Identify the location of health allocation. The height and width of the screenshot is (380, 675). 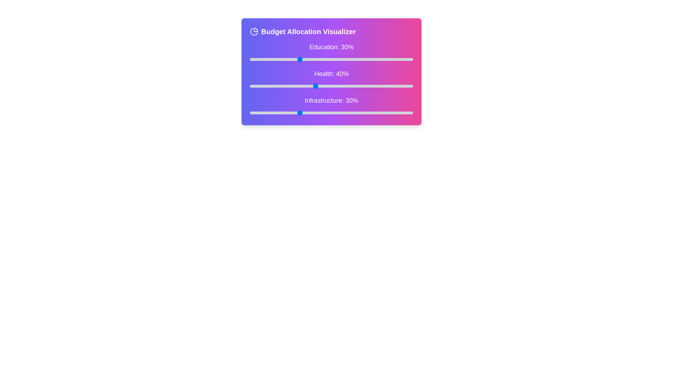
(397, 86).